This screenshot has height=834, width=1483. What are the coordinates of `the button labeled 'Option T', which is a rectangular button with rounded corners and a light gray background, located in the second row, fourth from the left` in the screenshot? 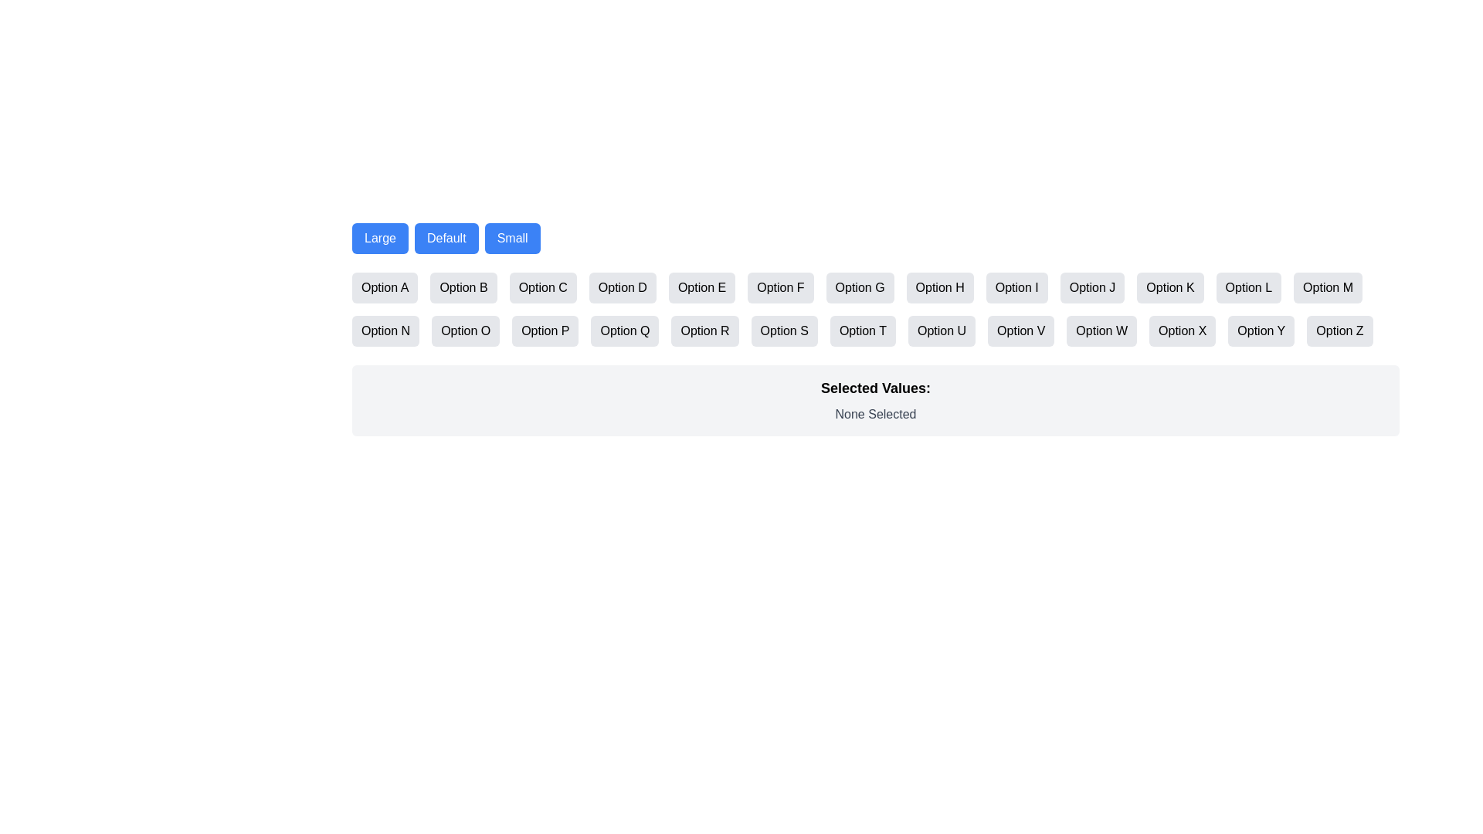 It's located at (862, 330).